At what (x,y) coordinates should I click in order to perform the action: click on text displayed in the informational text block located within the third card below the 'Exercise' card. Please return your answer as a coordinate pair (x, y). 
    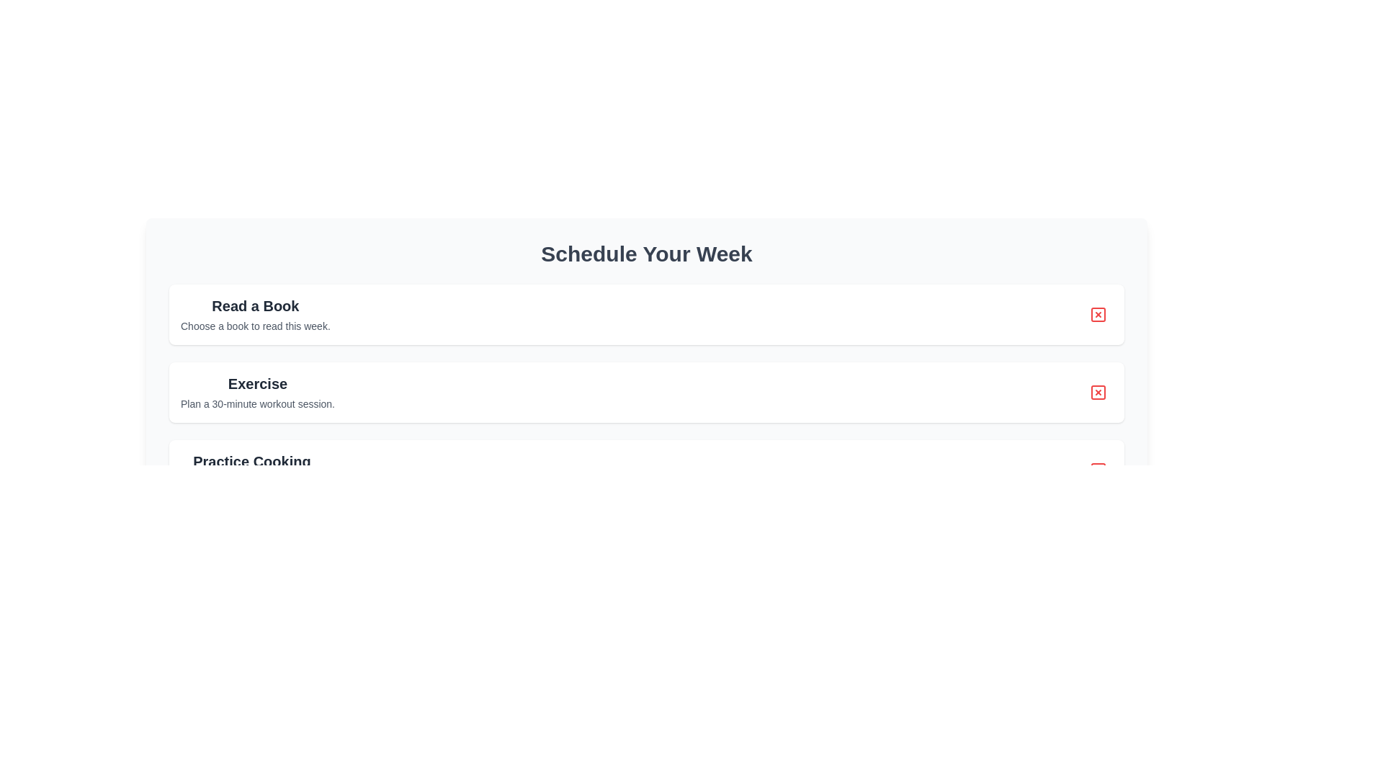
    Looking at the image, I should click on (252, 470).